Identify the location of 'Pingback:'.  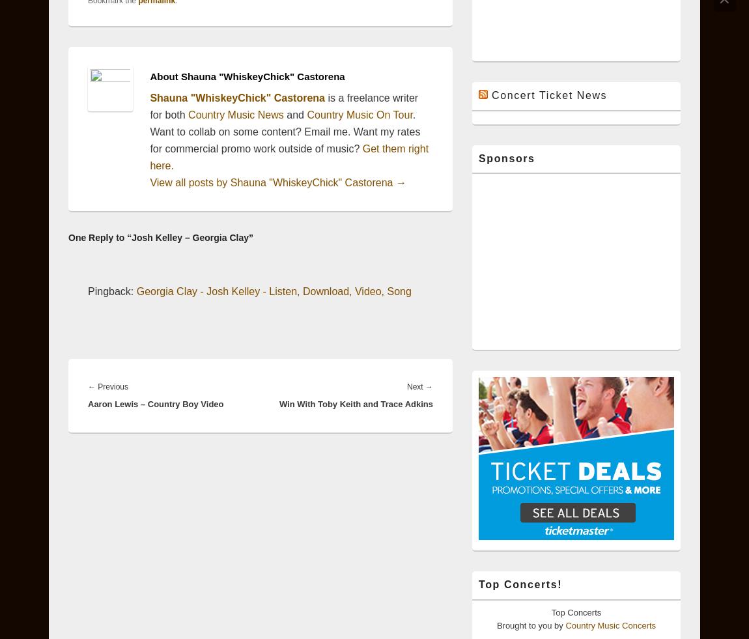
(111, 291).